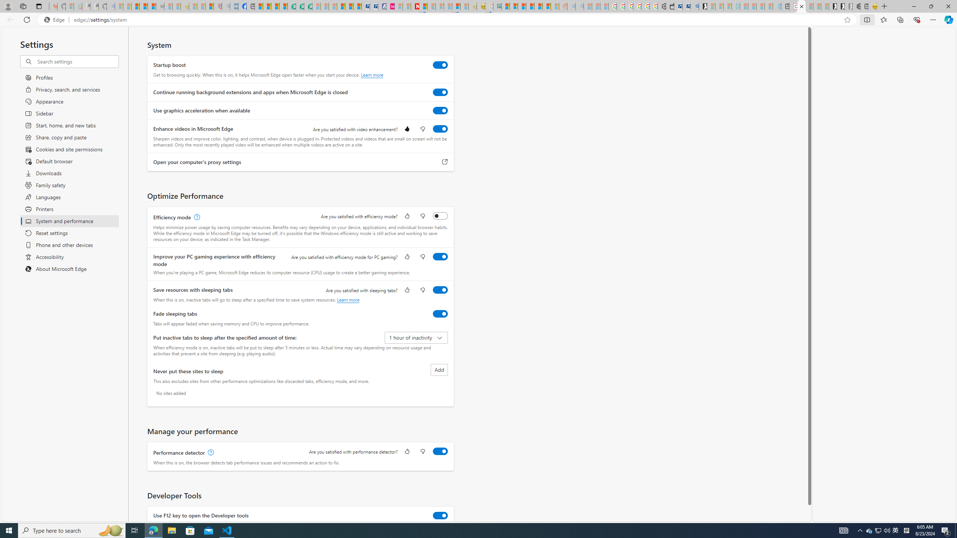  What do you see at coordinates (69, 6) in the screenshot?
I see `'Microsoft-Report a Concern to Bing - Sleeping'` at bounding box center [69, 6].